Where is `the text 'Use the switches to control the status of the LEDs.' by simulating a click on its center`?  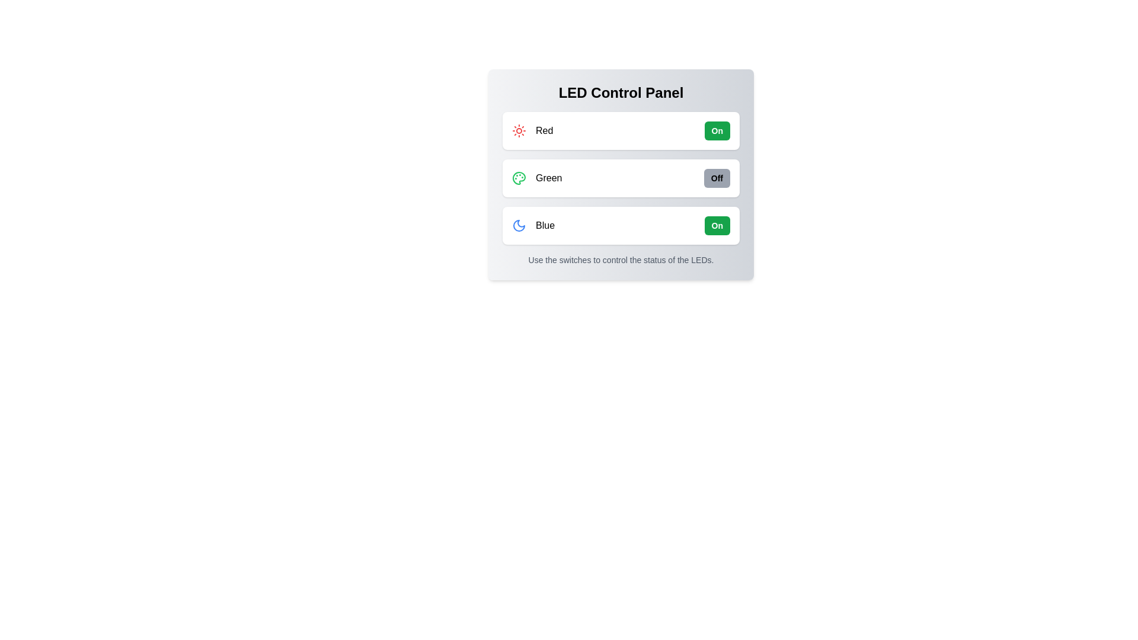
the text 'Use the switches to control the status of the LEDs.' by simulating a click on its center is located at coordinates (620, 260).